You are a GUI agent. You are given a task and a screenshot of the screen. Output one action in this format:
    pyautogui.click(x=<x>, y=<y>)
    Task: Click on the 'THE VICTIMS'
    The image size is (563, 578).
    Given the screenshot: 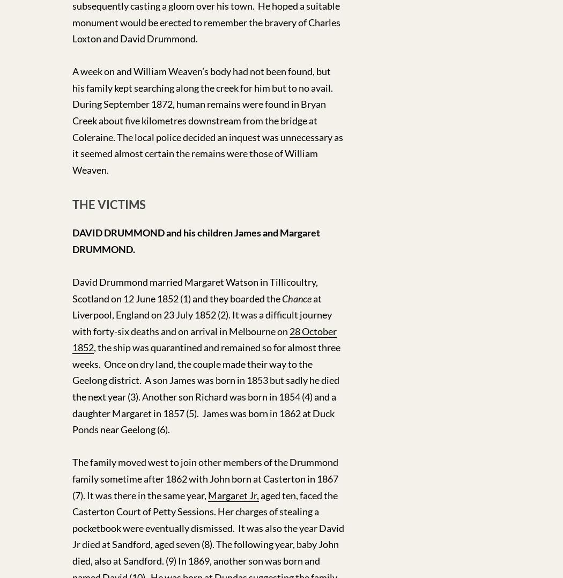 What is the action you would take?
    pyautogui.click(x=72, y=204)
    